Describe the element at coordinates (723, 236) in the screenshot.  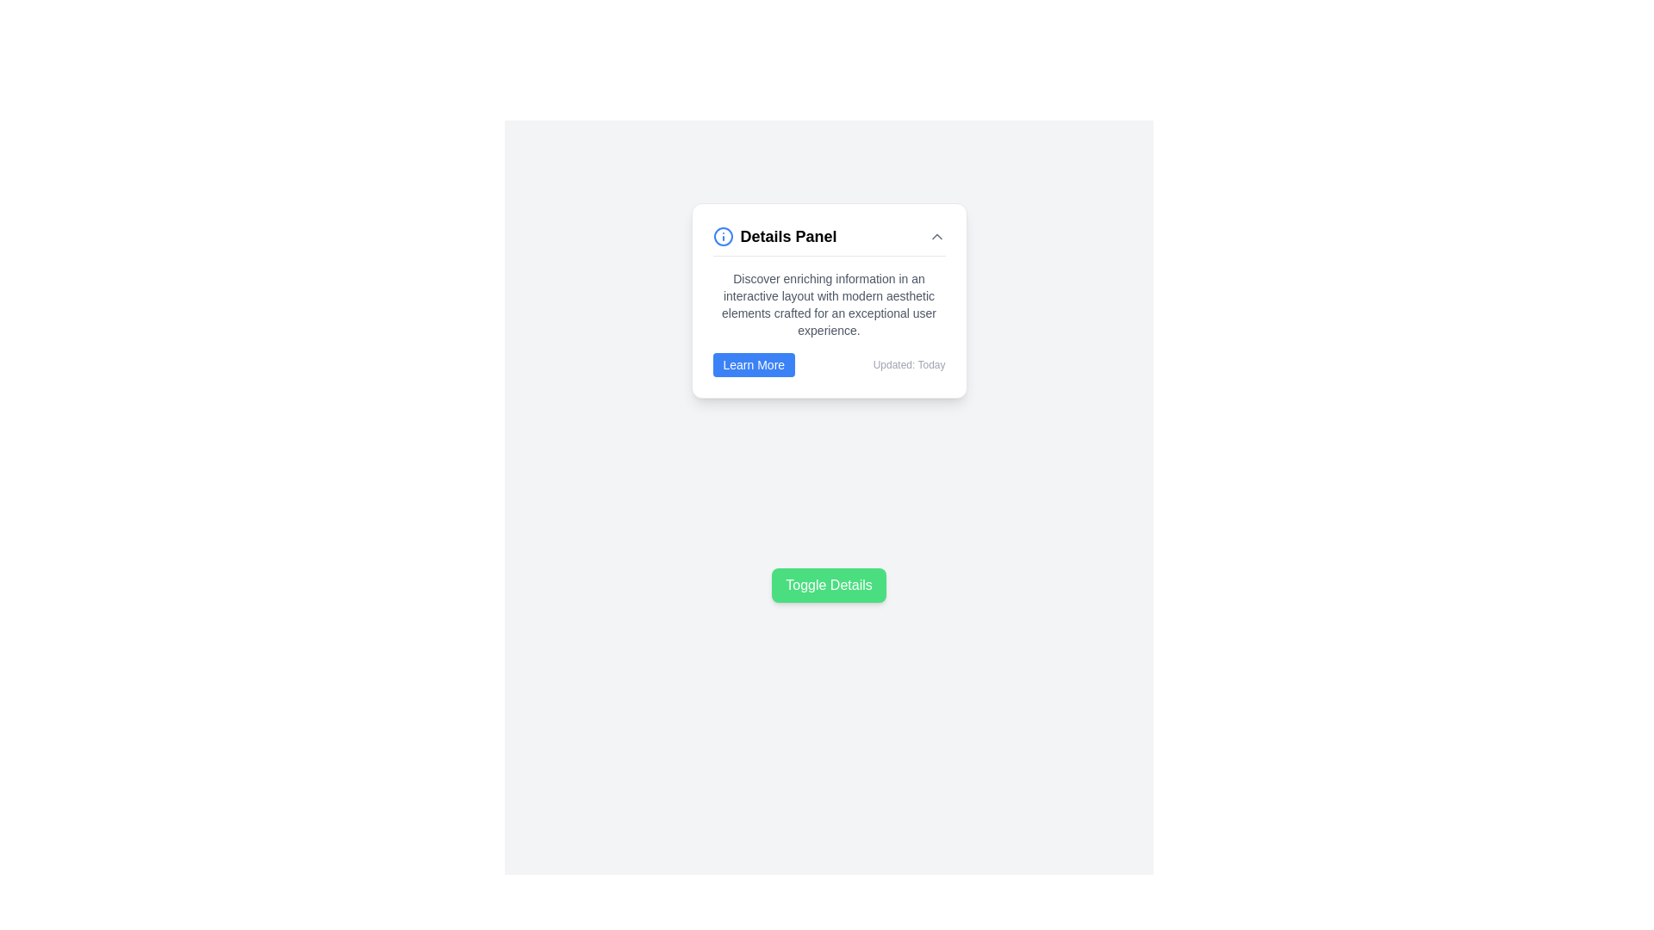
I see `the SVG circle in the information icon located in the 'Details Panel' card at the top of the interface` at that location.